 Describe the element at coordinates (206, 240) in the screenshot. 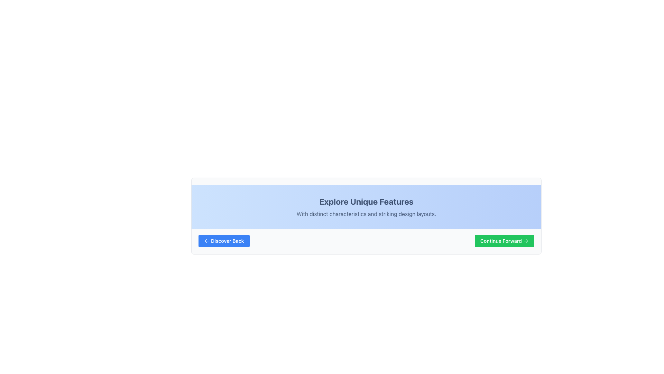

I see `the backward navigation icon located in the left portion of the 'Discover Back' button, which enhances its contextual meaning and usability` at that location.